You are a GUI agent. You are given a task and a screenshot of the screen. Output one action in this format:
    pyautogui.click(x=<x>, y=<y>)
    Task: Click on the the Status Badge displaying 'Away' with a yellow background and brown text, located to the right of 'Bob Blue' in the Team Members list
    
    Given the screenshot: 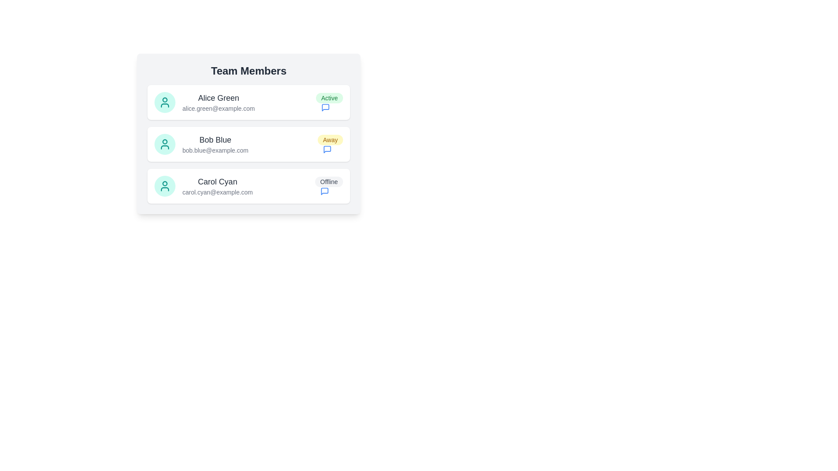 What is the action you would take?
    pyautogui.click(x=330, y=139)
    